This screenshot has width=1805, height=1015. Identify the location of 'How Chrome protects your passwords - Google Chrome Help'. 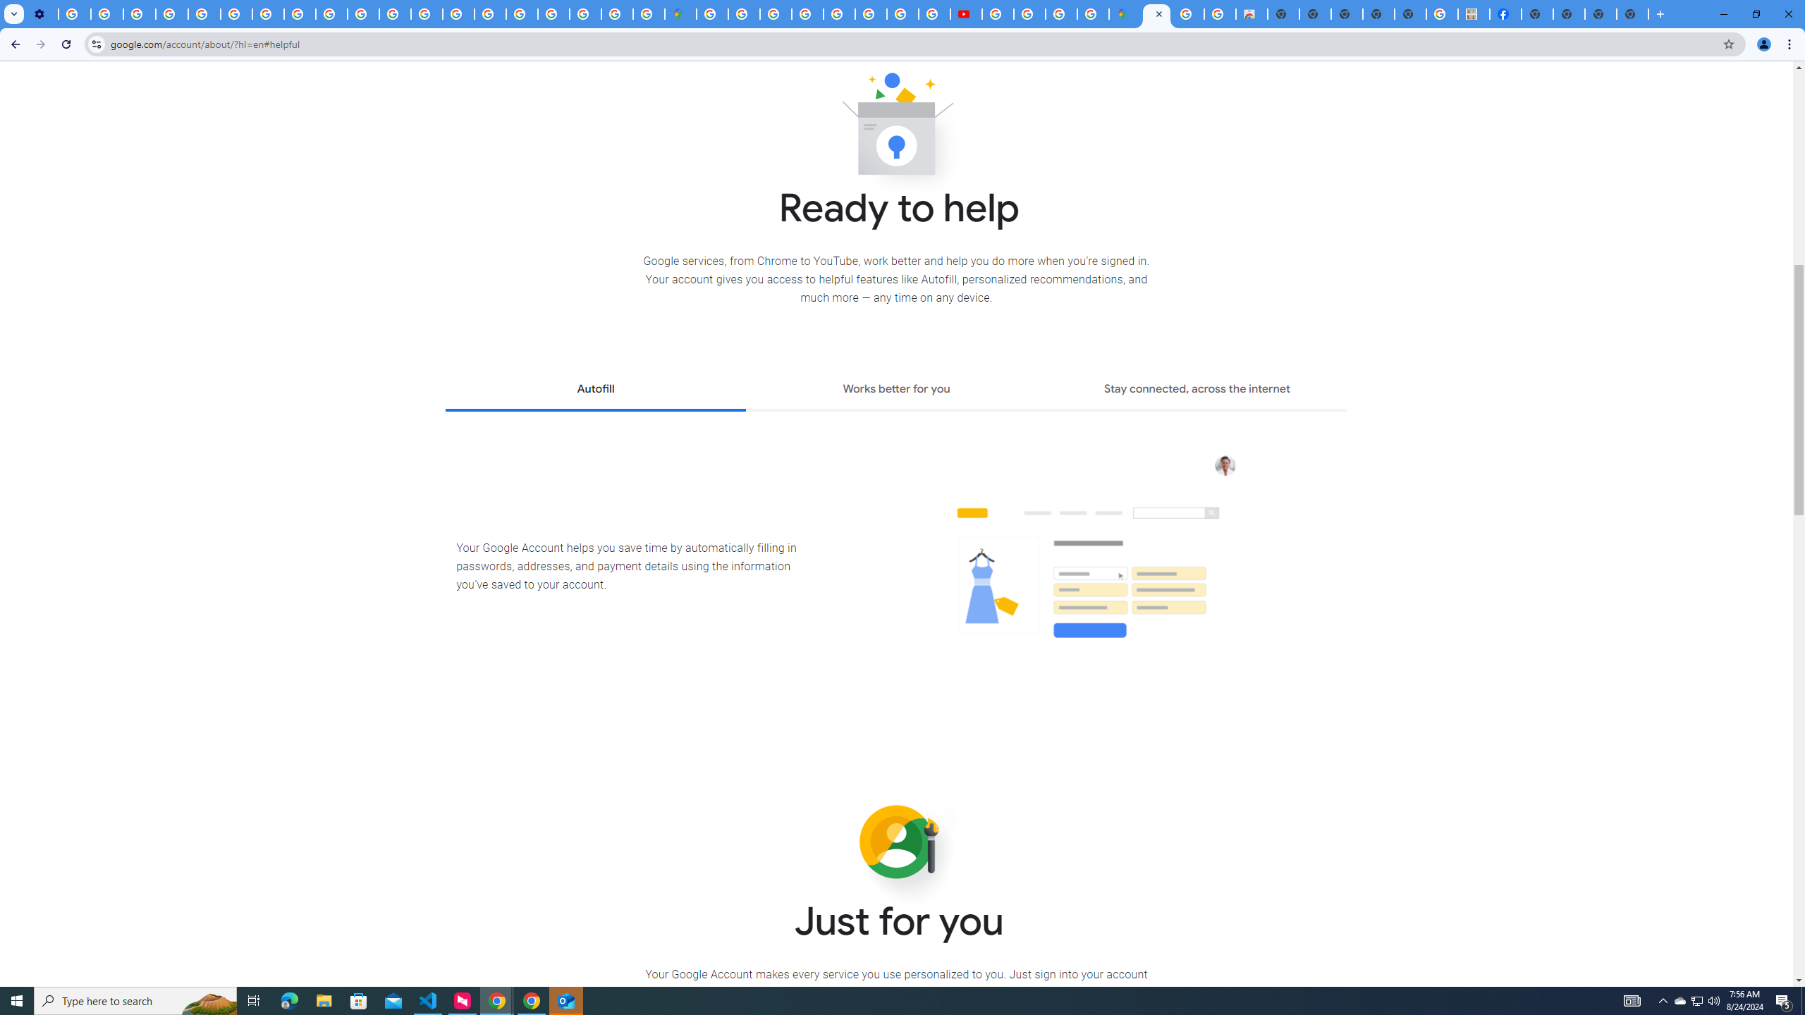
(997, 13).